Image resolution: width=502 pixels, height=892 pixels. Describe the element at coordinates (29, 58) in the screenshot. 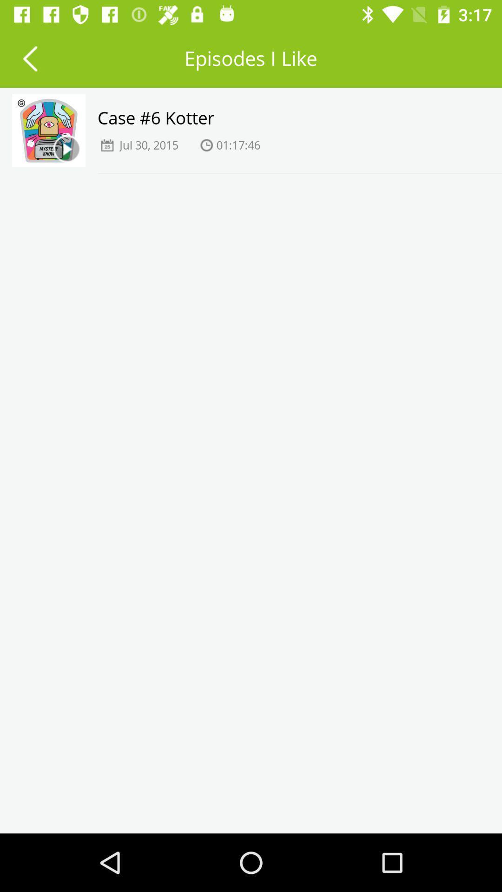

I see `item next to the episodes i like icon` at that location.